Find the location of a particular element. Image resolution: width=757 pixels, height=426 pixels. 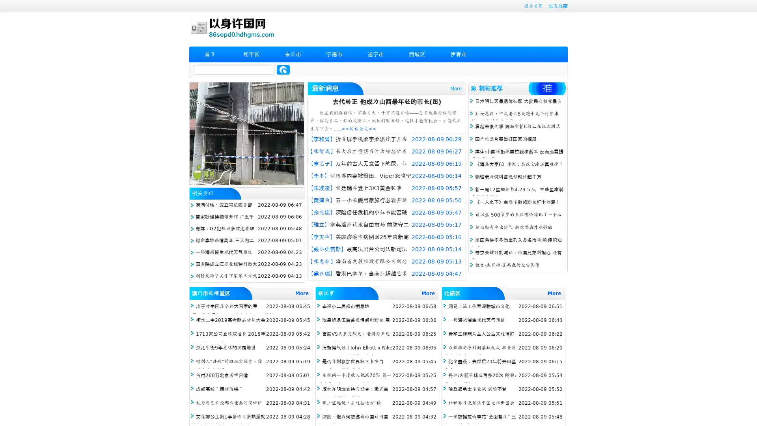

Search is located at coordinates (283, 69).